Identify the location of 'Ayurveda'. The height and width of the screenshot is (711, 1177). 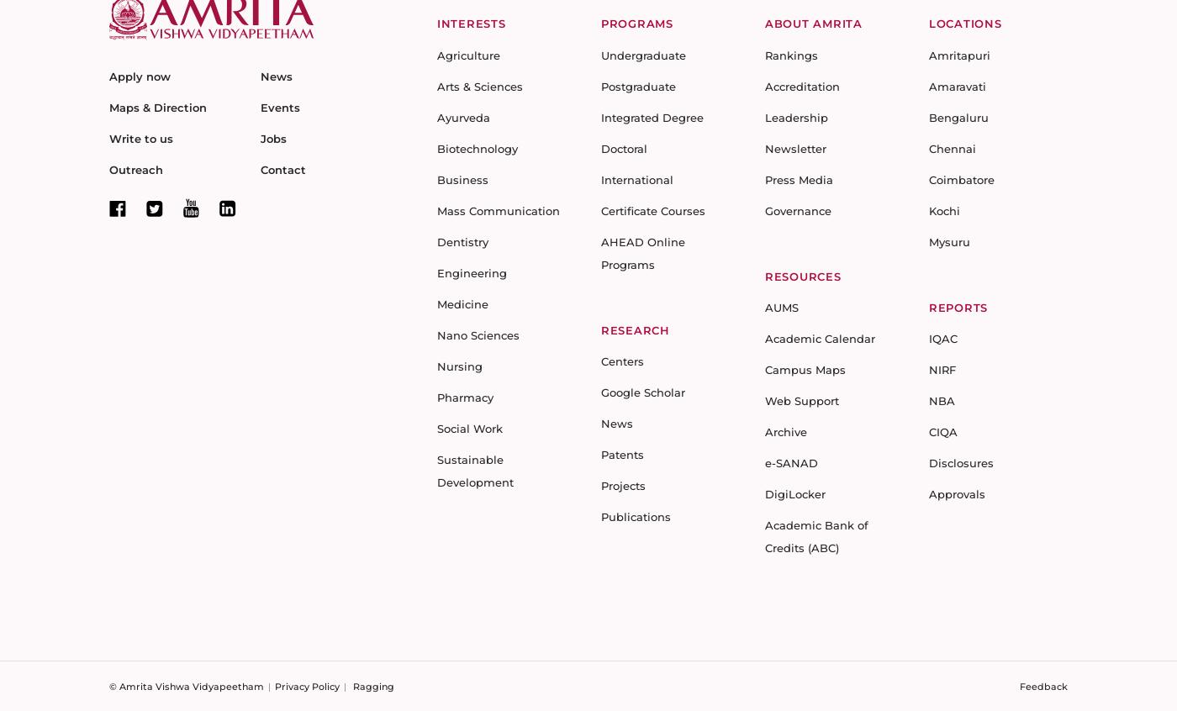
(463, 116).